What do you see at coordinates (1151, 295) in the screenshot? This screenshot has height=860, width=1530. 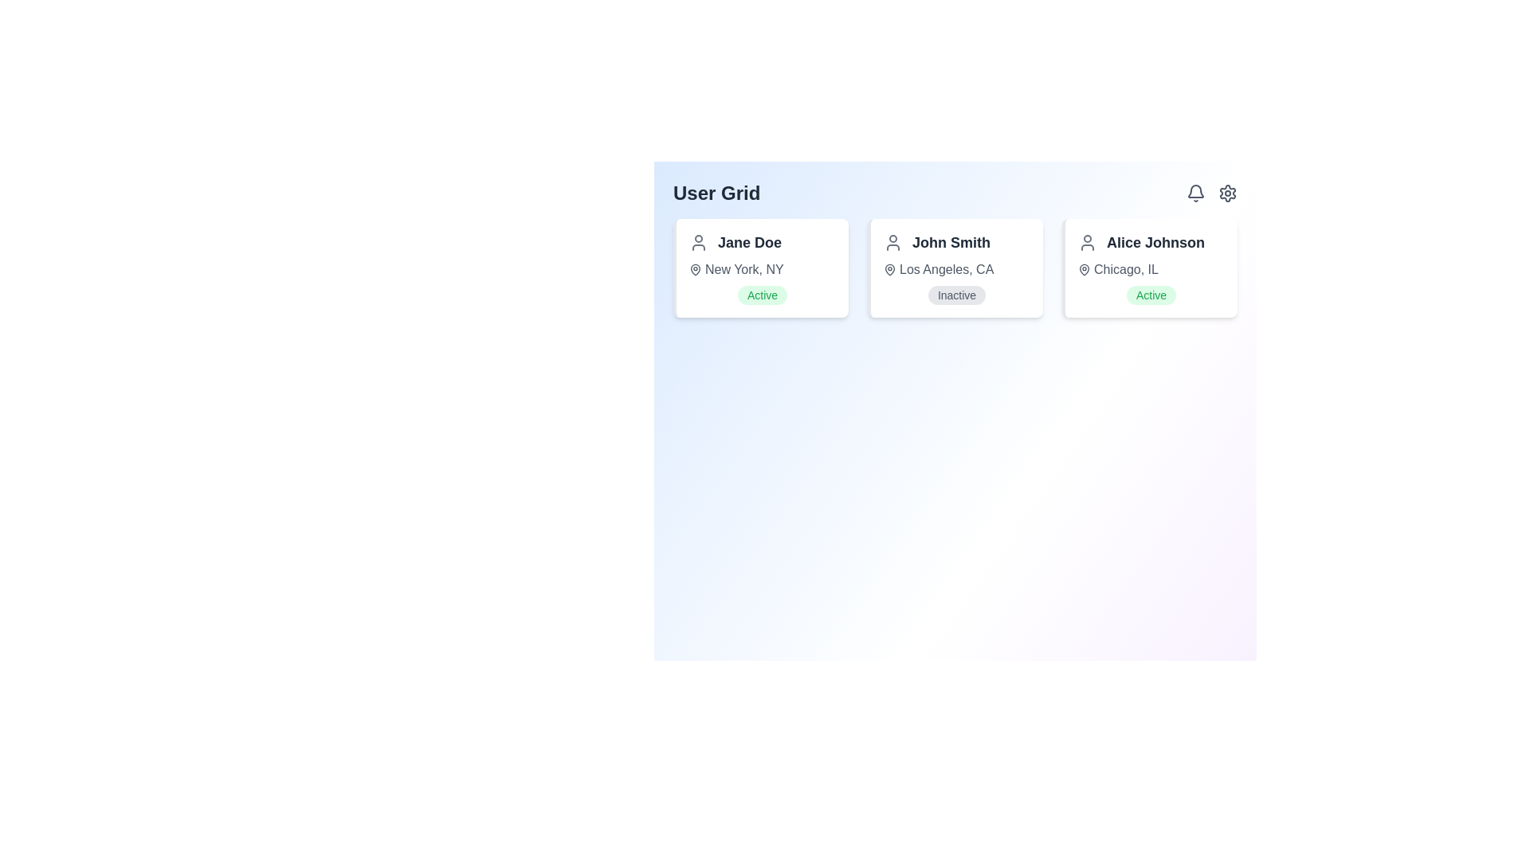 I see `the badge-like label displaying 'Active' with a green font on a light green rounded background, located at the bottom-center of the user information card for 'Alice Johnson'` at bounding box center [1151, 295].